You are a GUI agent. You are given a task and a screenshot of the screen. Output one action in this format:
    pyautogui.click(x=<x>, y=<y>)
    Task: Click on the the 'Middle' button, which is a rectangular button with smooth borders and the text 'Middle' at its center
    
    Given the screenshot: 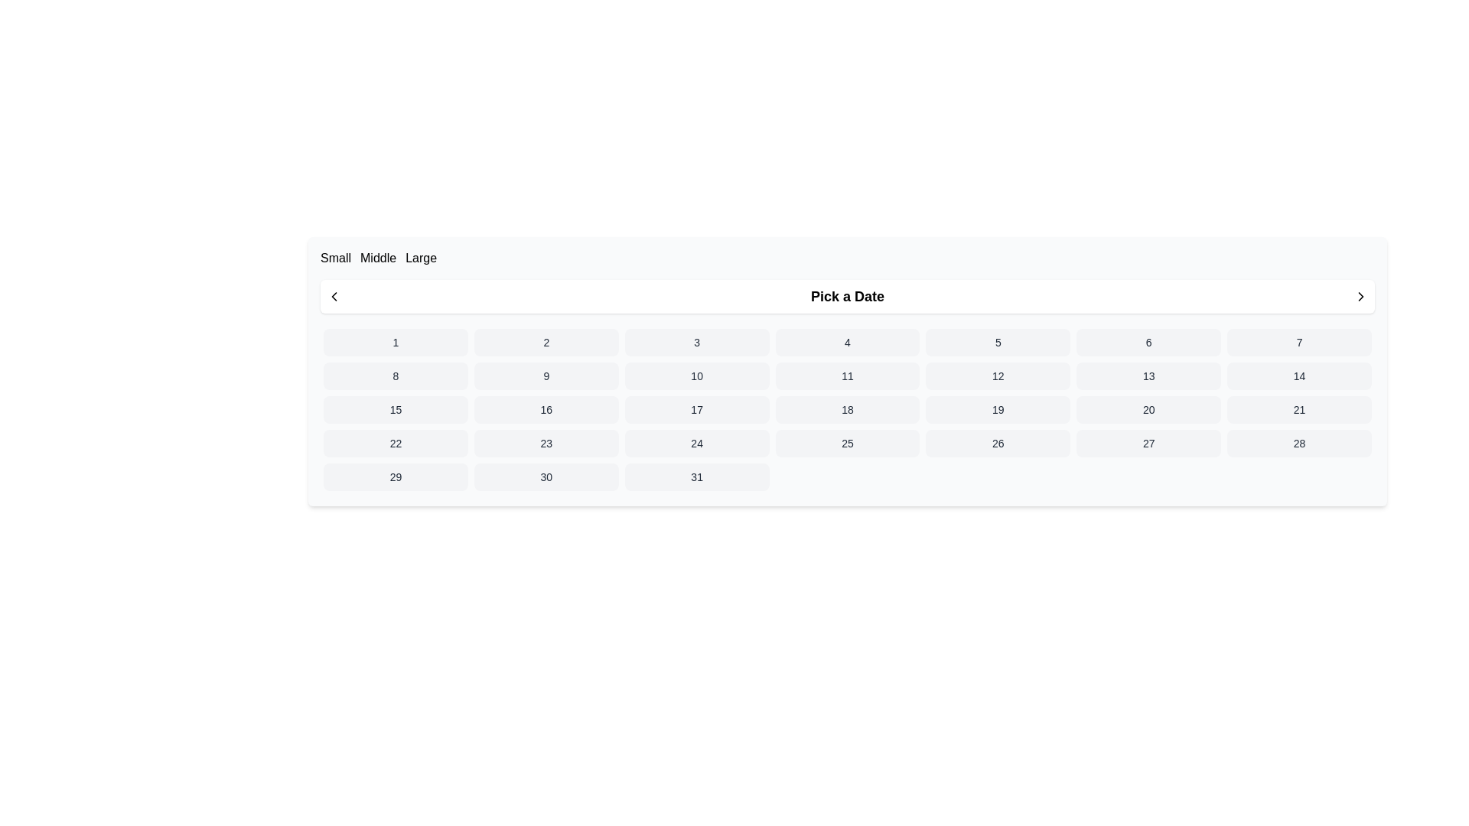 What is the action you would take?
    pyautogui.click(x=378, y=258)
    